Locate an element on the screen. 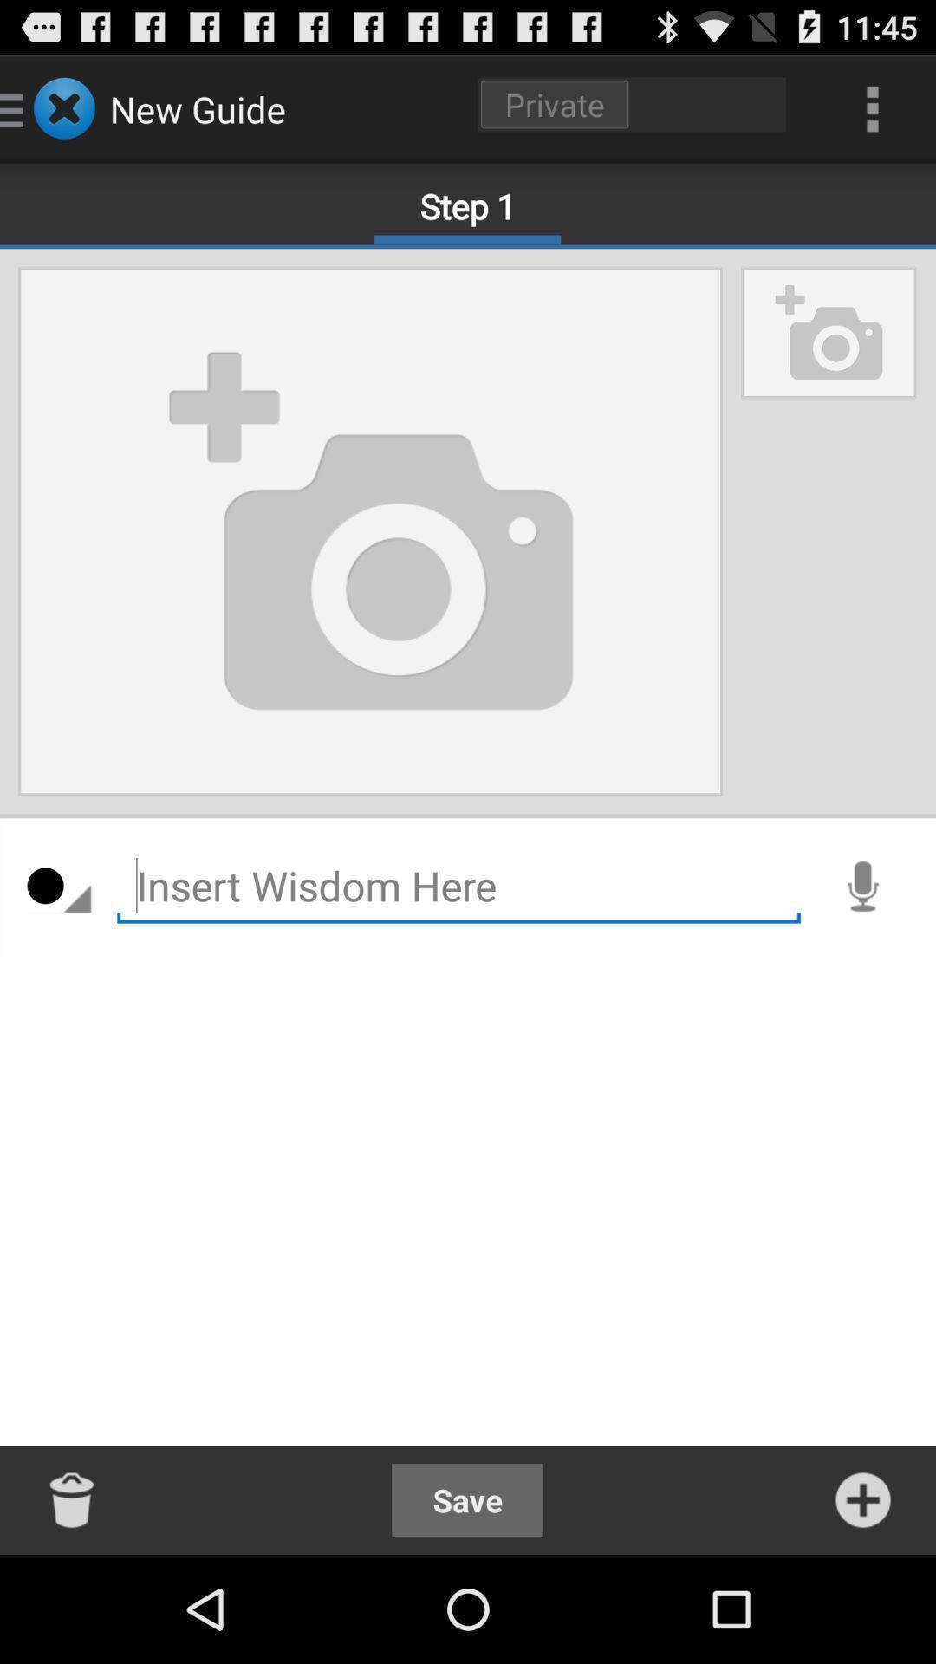 The image size is (936, 1664). click on private is located at coordinates (632, 103).